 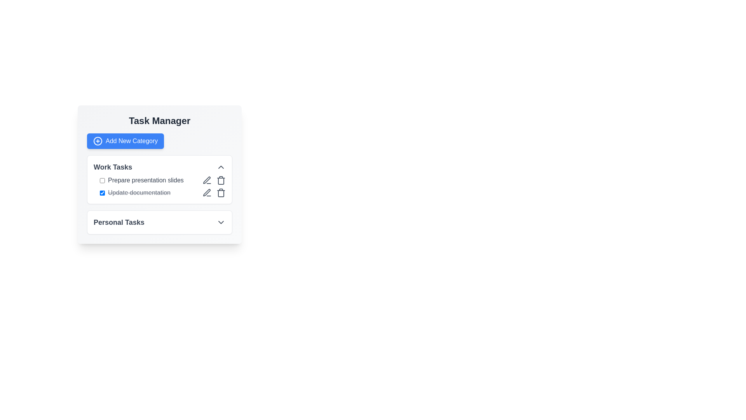 What do you see at coordinates (159, 194) in the screenshot?
I see `the 'Work Tasks' section, which is styled with a white background, rounded corners, and contains task items like 'Prepare presentation slides' and 'Update documentation'` at bounding box center [159, 194].